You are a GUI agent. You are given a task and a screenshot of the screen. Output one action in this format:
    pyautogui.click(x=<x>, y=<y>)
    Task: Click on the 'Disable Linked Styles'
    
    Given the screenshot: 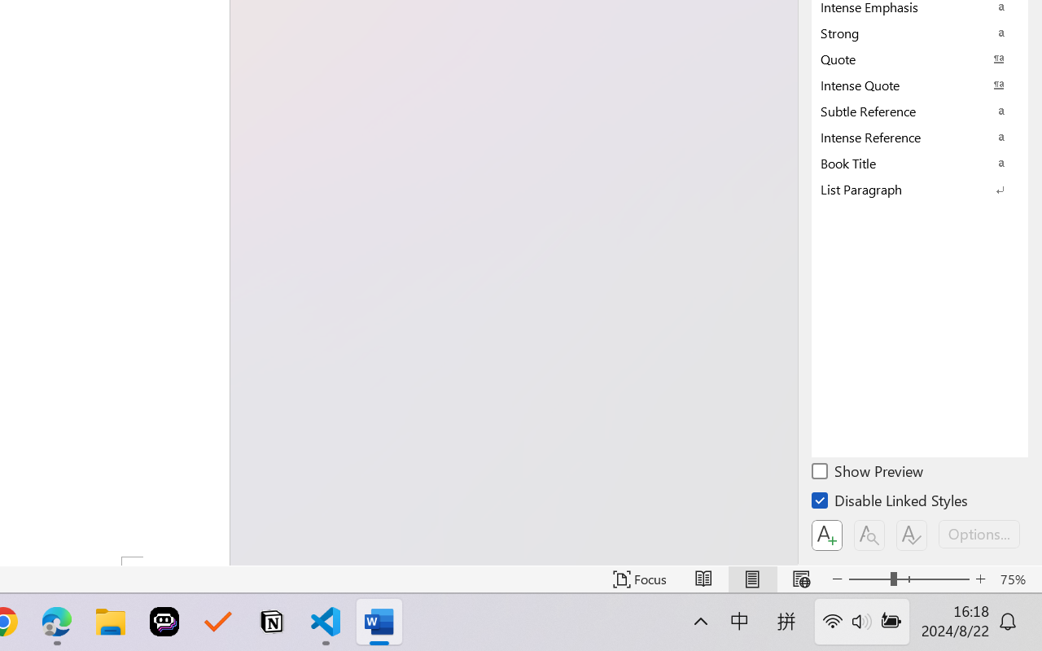 What is the action you would take?
    pyautogui.click(x=891, y=503)
    